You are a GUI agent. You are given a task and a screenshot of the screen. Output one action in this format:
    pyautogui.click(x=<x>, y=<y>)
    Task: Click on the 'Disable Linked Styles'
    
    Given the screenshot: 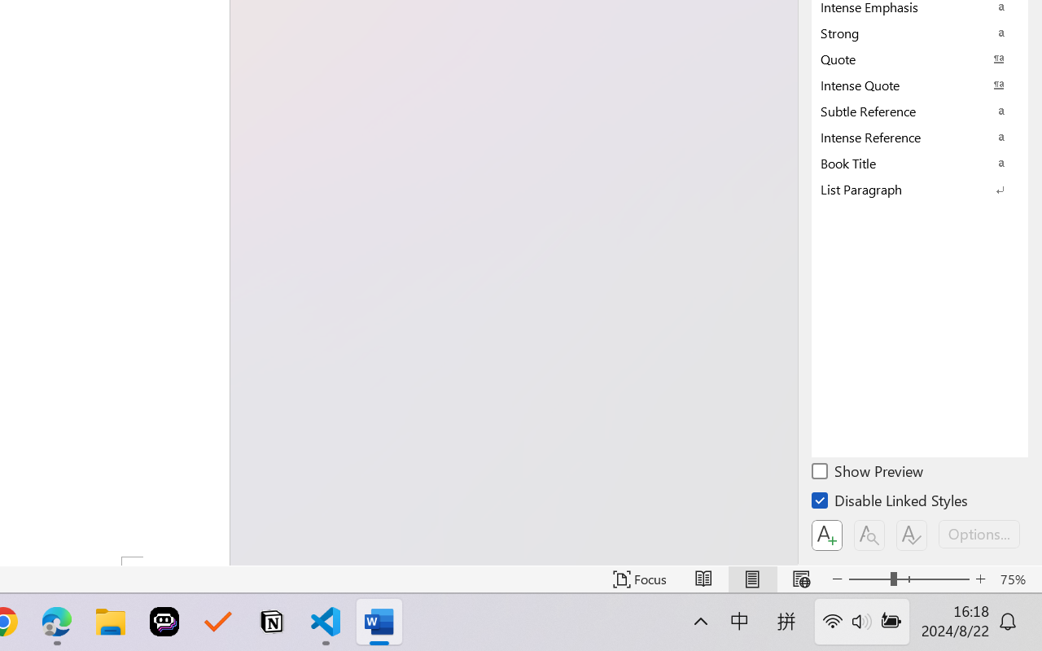 What is the action you would take?
    pyautogui.click(x=891, y=503)
    